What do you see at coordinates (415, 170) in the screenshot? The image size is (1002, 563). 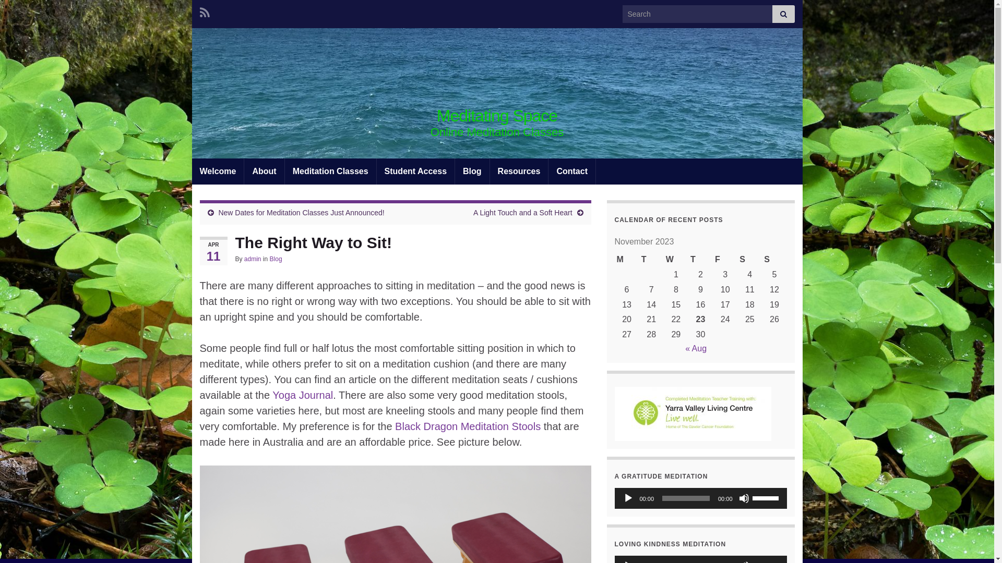 I see `'Student Access'` at bounding box center [415, 170].